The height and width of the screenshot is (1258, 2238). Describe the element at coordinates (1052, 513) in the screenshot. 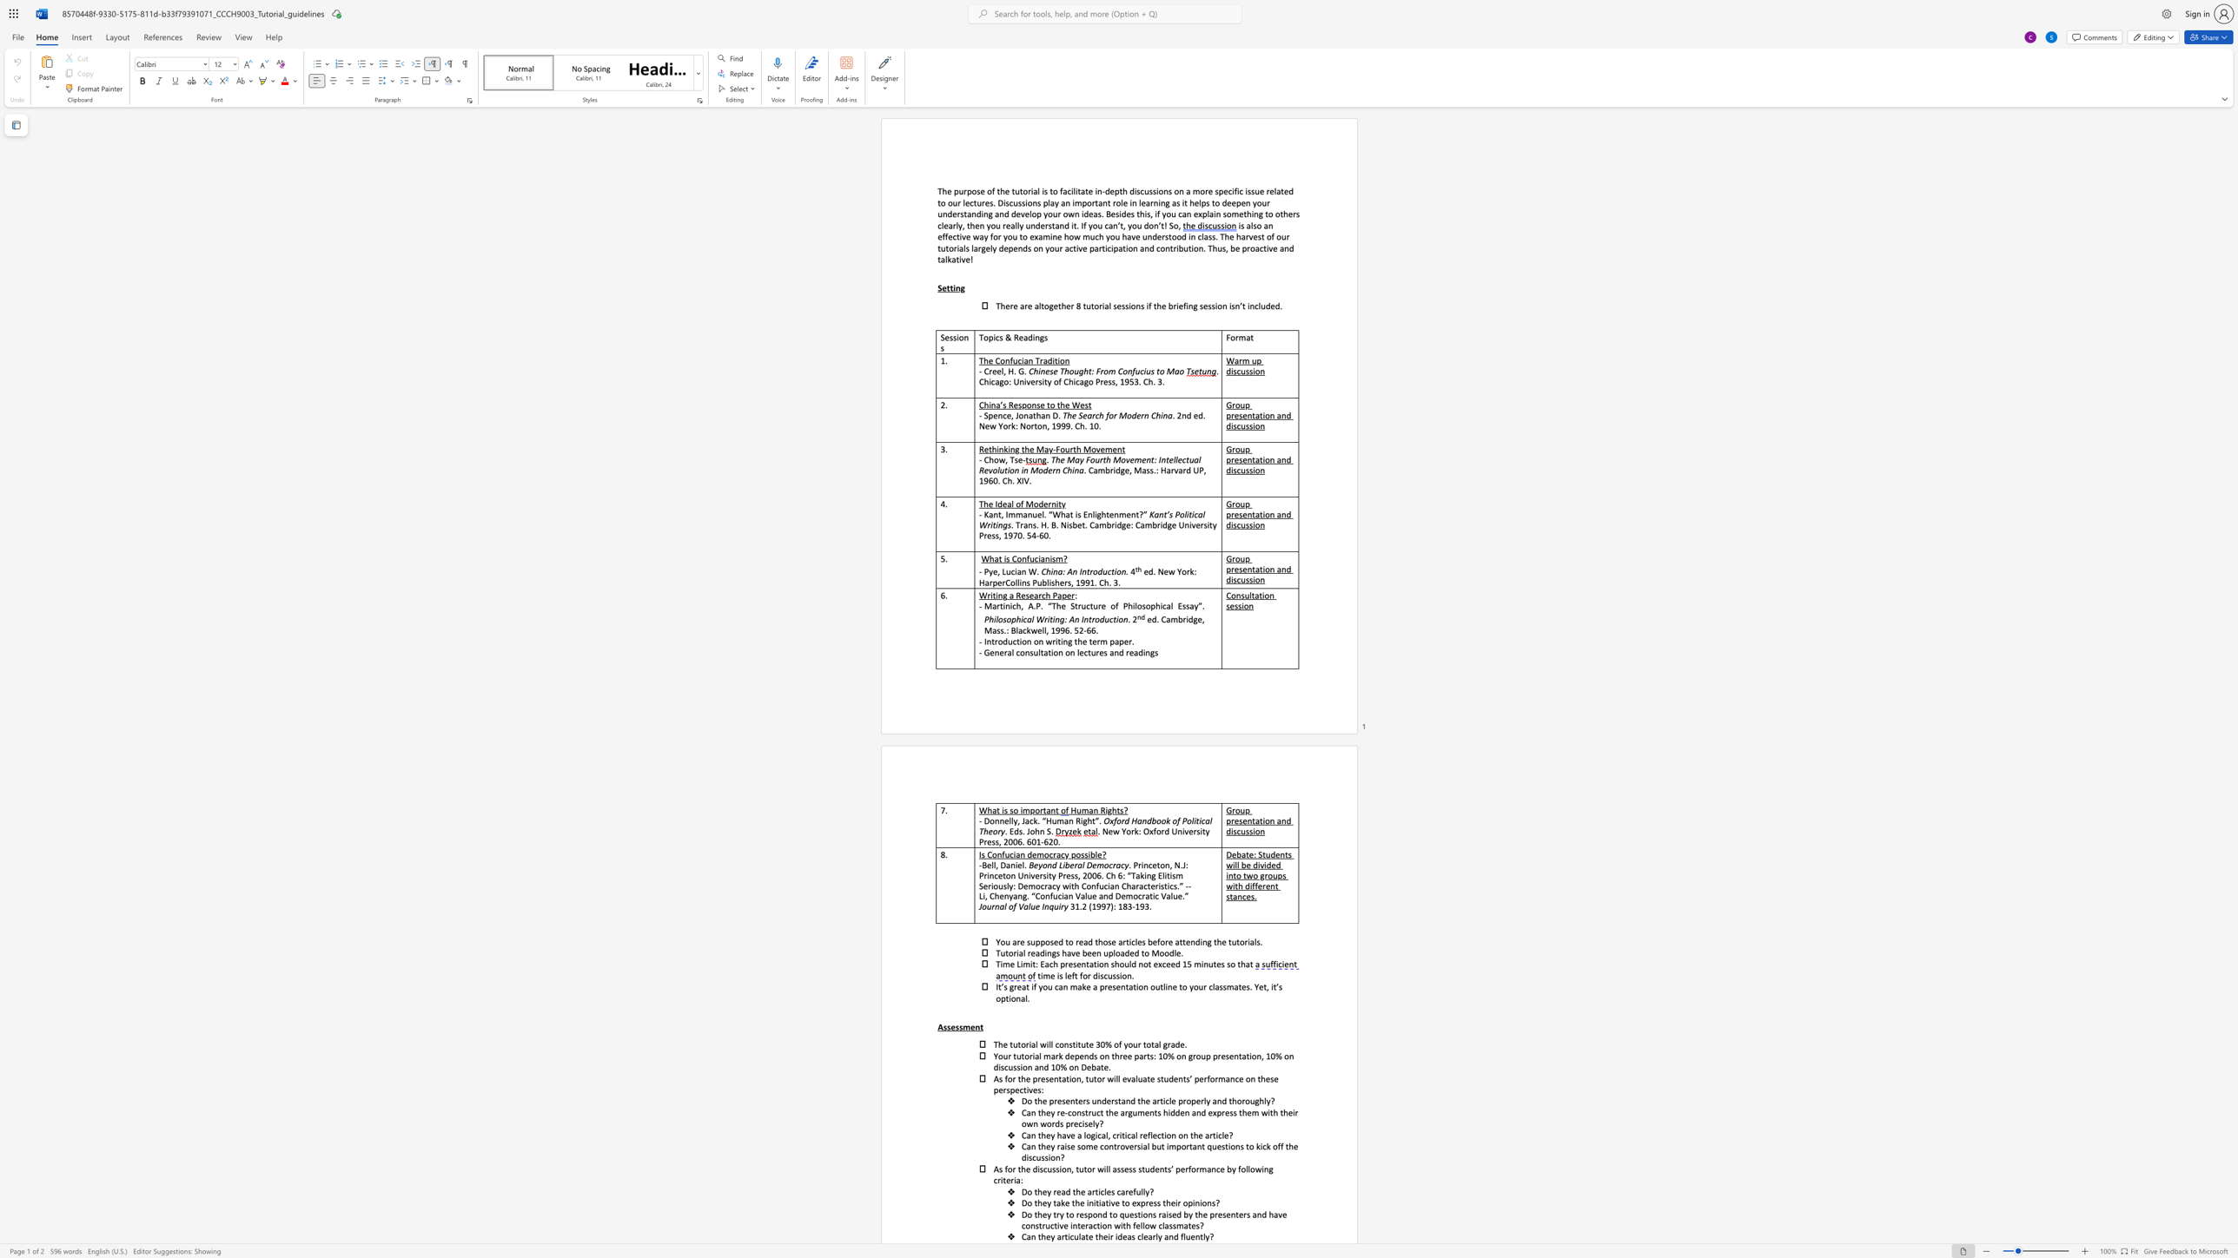

I see `the subset text "What is E" within the text "- Kant, Immanuel. “What is Enlightenment?”"` at that location.